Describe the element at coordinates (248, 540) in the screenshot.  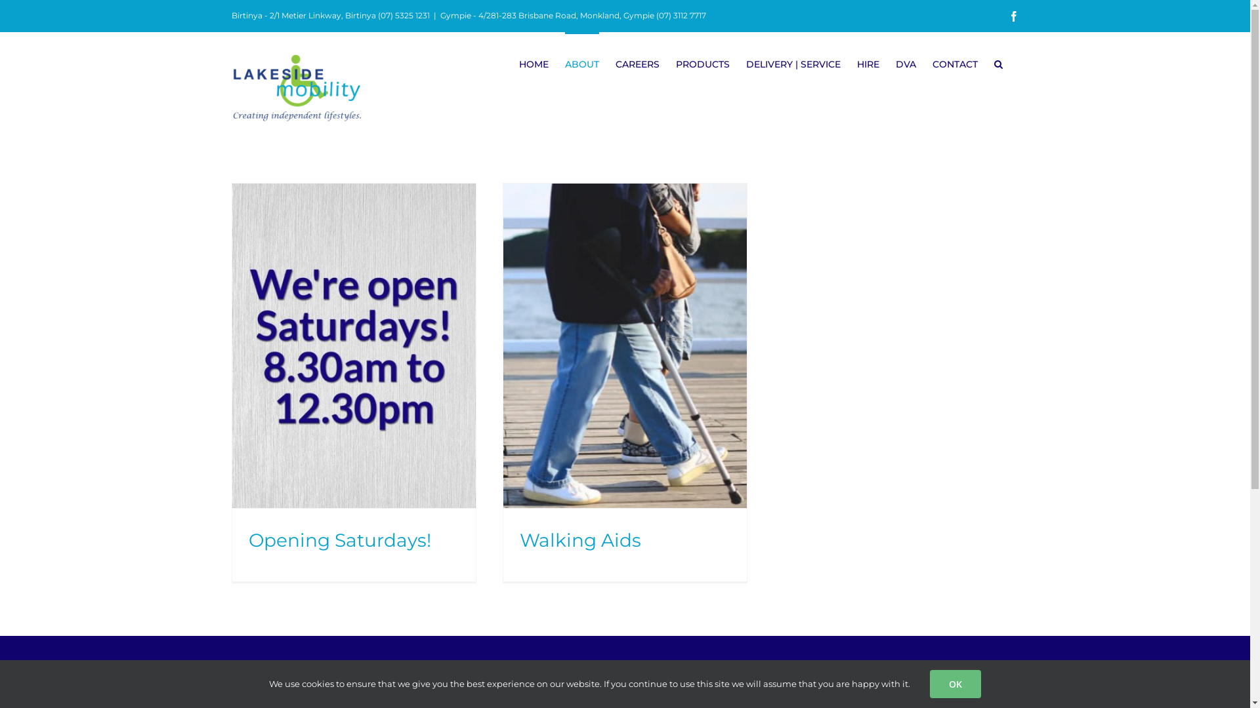
I see `'Opening Saturdays!'` at that location.